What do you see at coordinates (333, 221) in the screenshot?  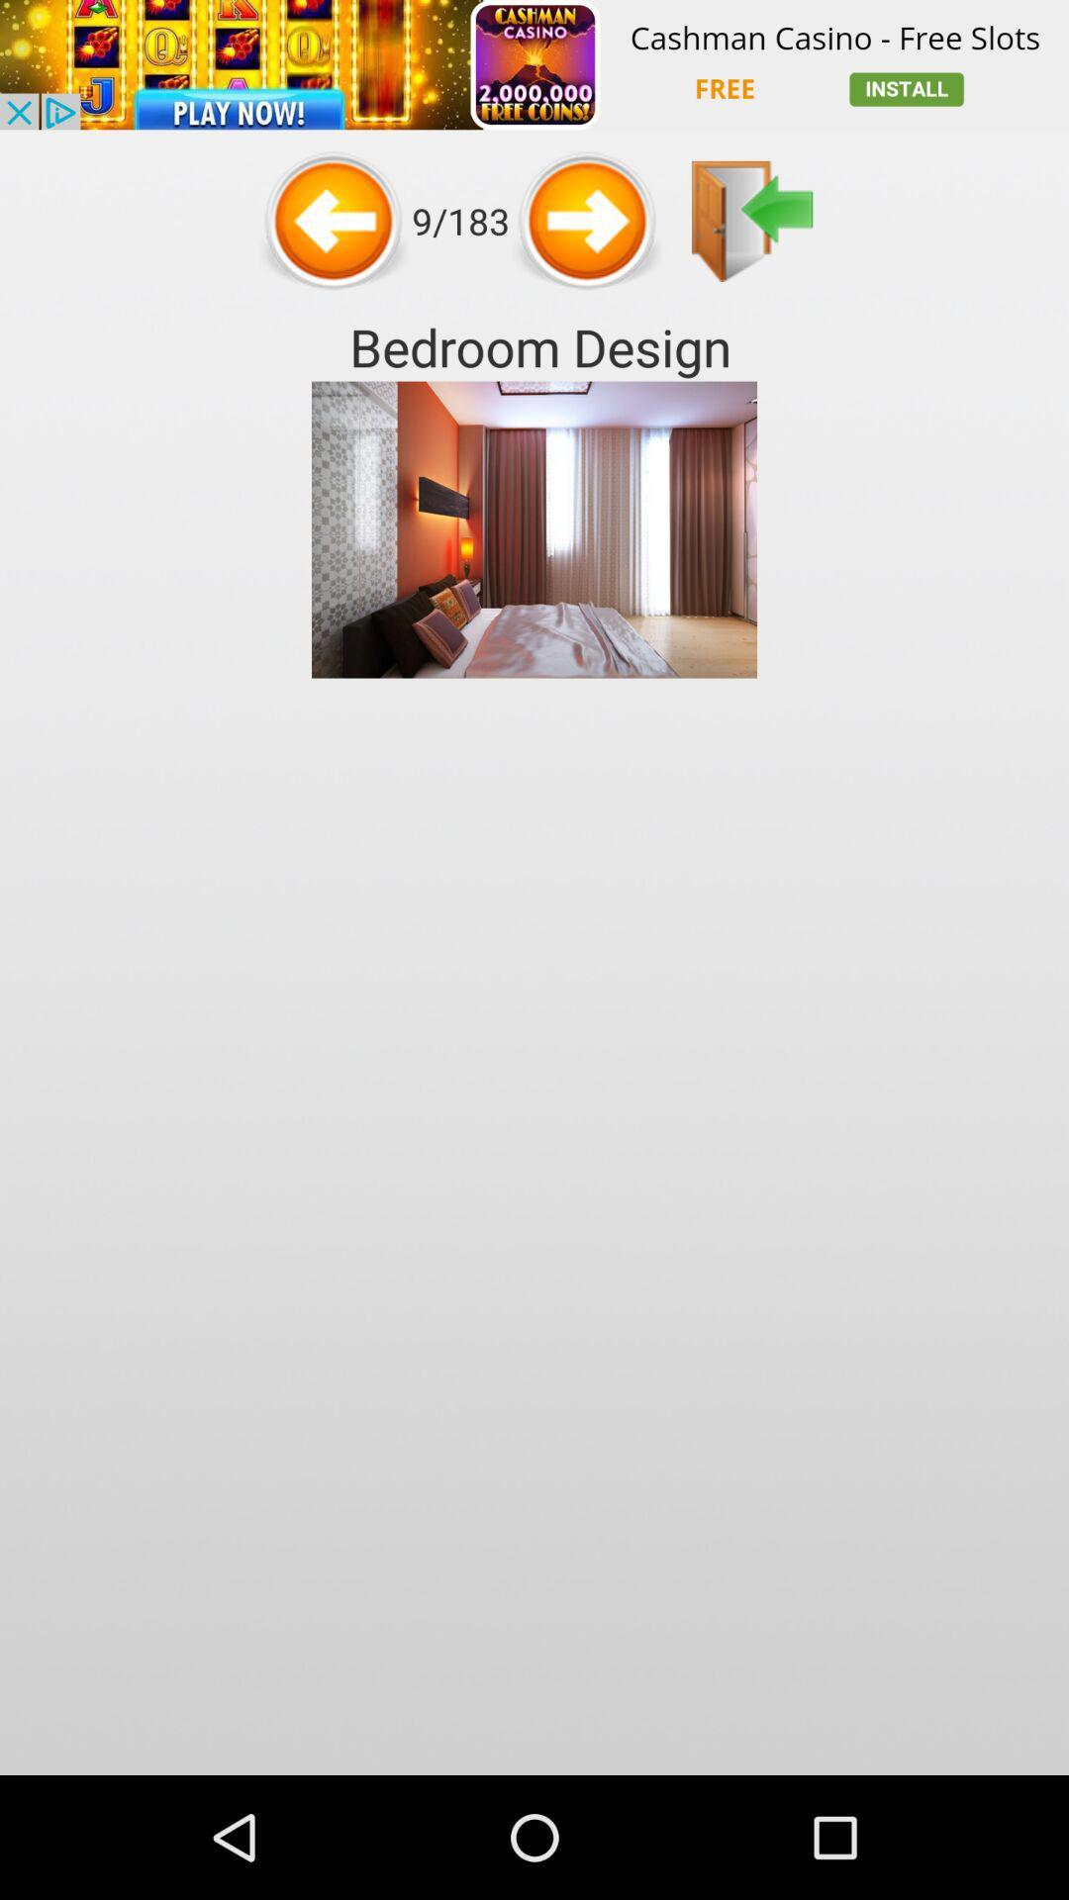 I see `previous page` at bounding box center [333, 221].